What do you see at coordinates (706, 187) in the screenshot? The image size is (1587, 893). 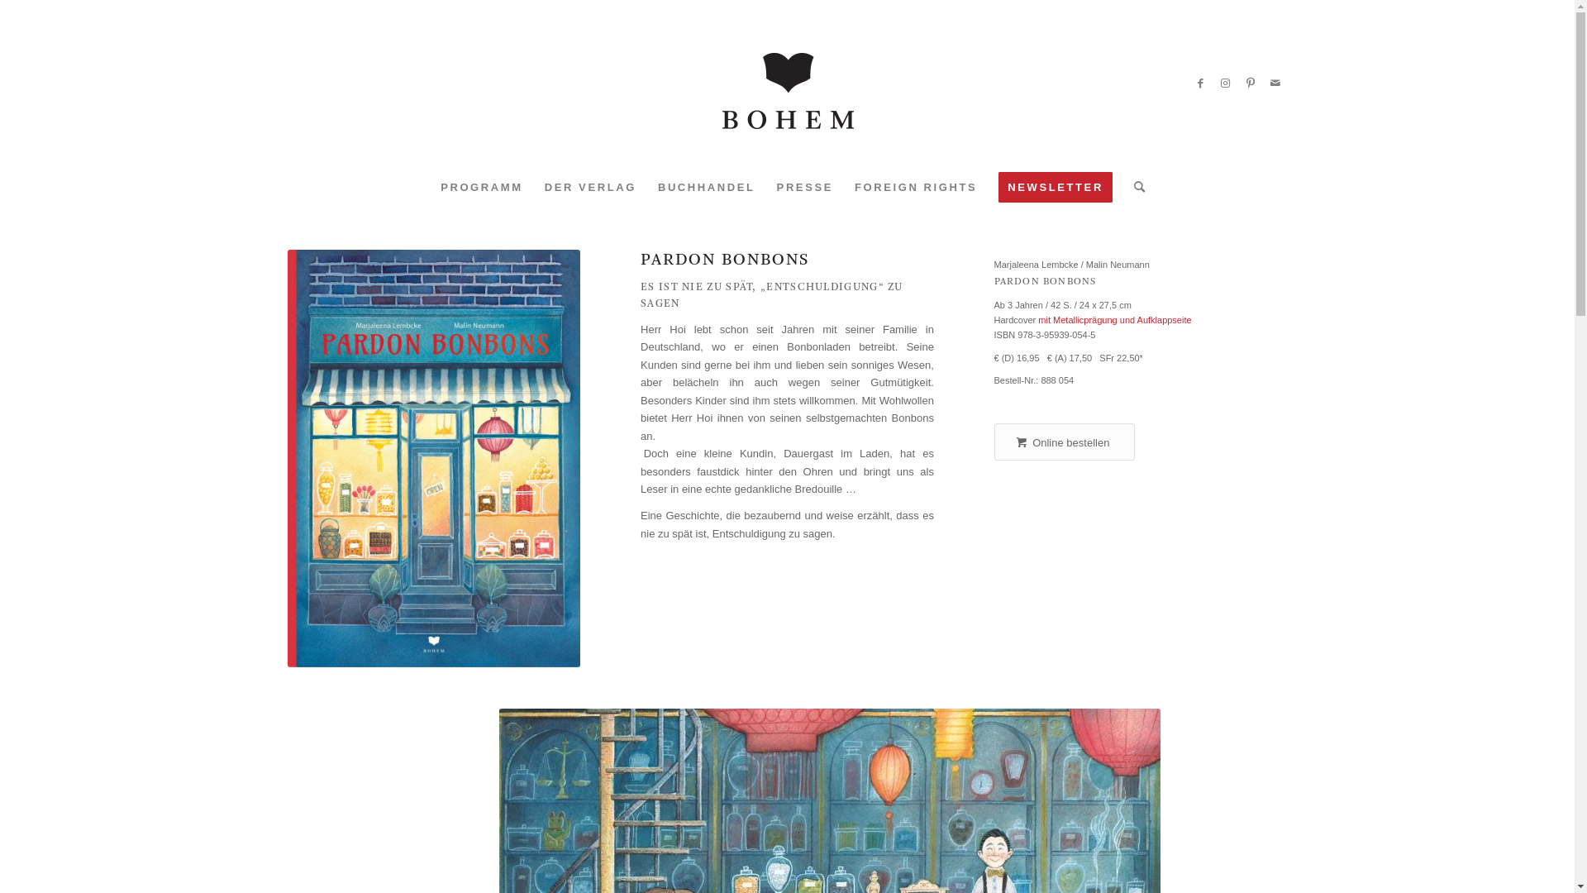 I see `'BUCHHANDEL'` at bounding box center [706, 187].